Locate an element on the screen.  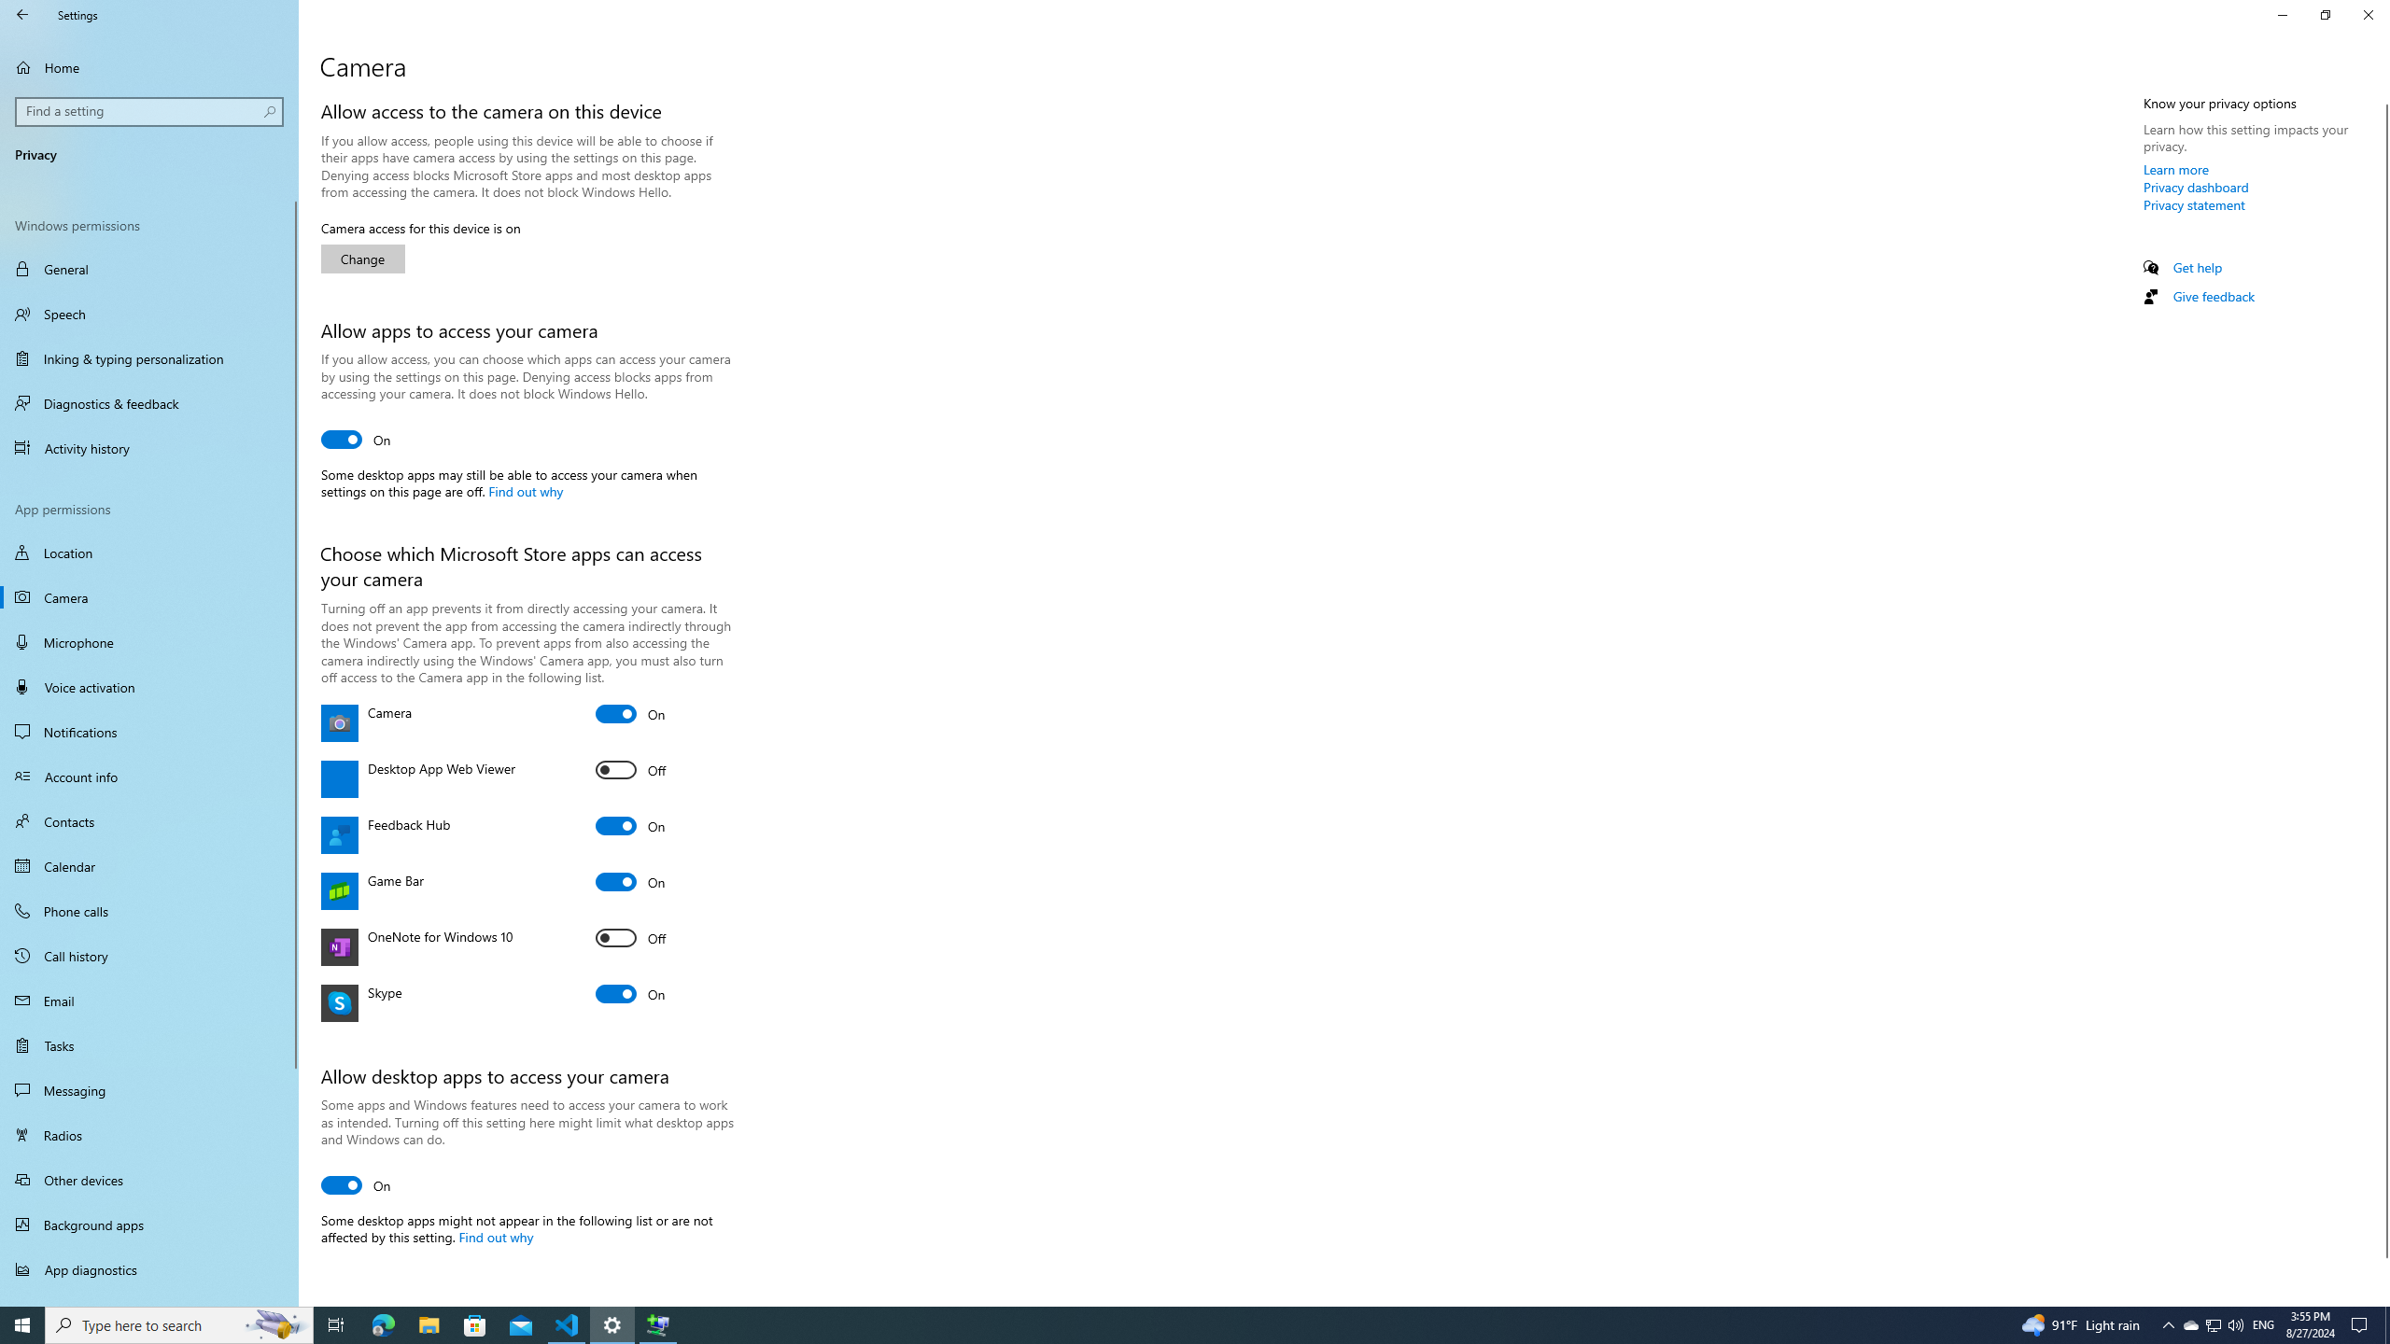
'Change' is located at coordinates (362, 258).